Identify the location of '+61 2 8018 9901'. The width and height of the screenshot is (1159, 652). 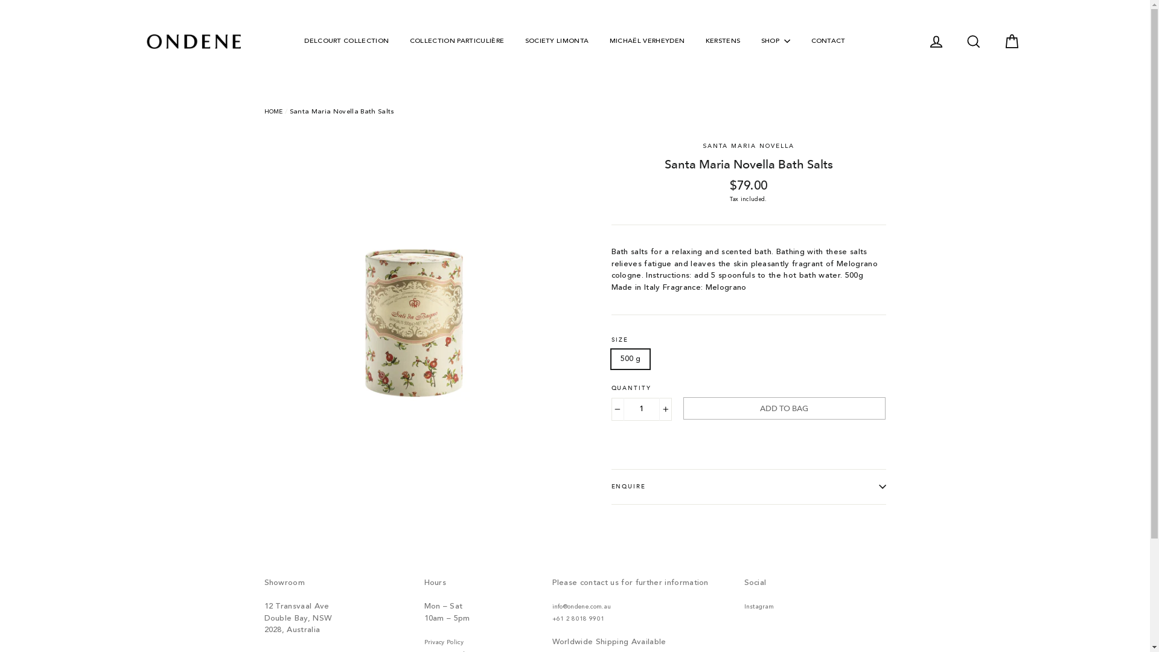
(577, 619).